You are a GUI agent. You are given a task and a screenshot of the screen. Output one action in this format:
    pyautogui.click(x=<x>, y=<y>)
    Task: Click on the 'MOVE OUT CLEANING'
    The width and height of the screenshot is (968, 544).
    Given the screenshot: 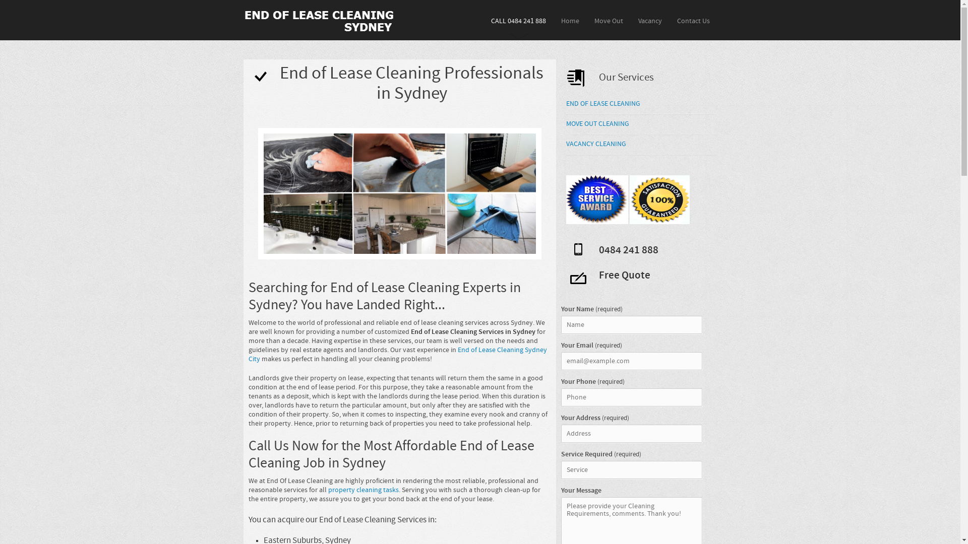 What is the action you would take?
    pyautogui.click(x=597, y=123)
    